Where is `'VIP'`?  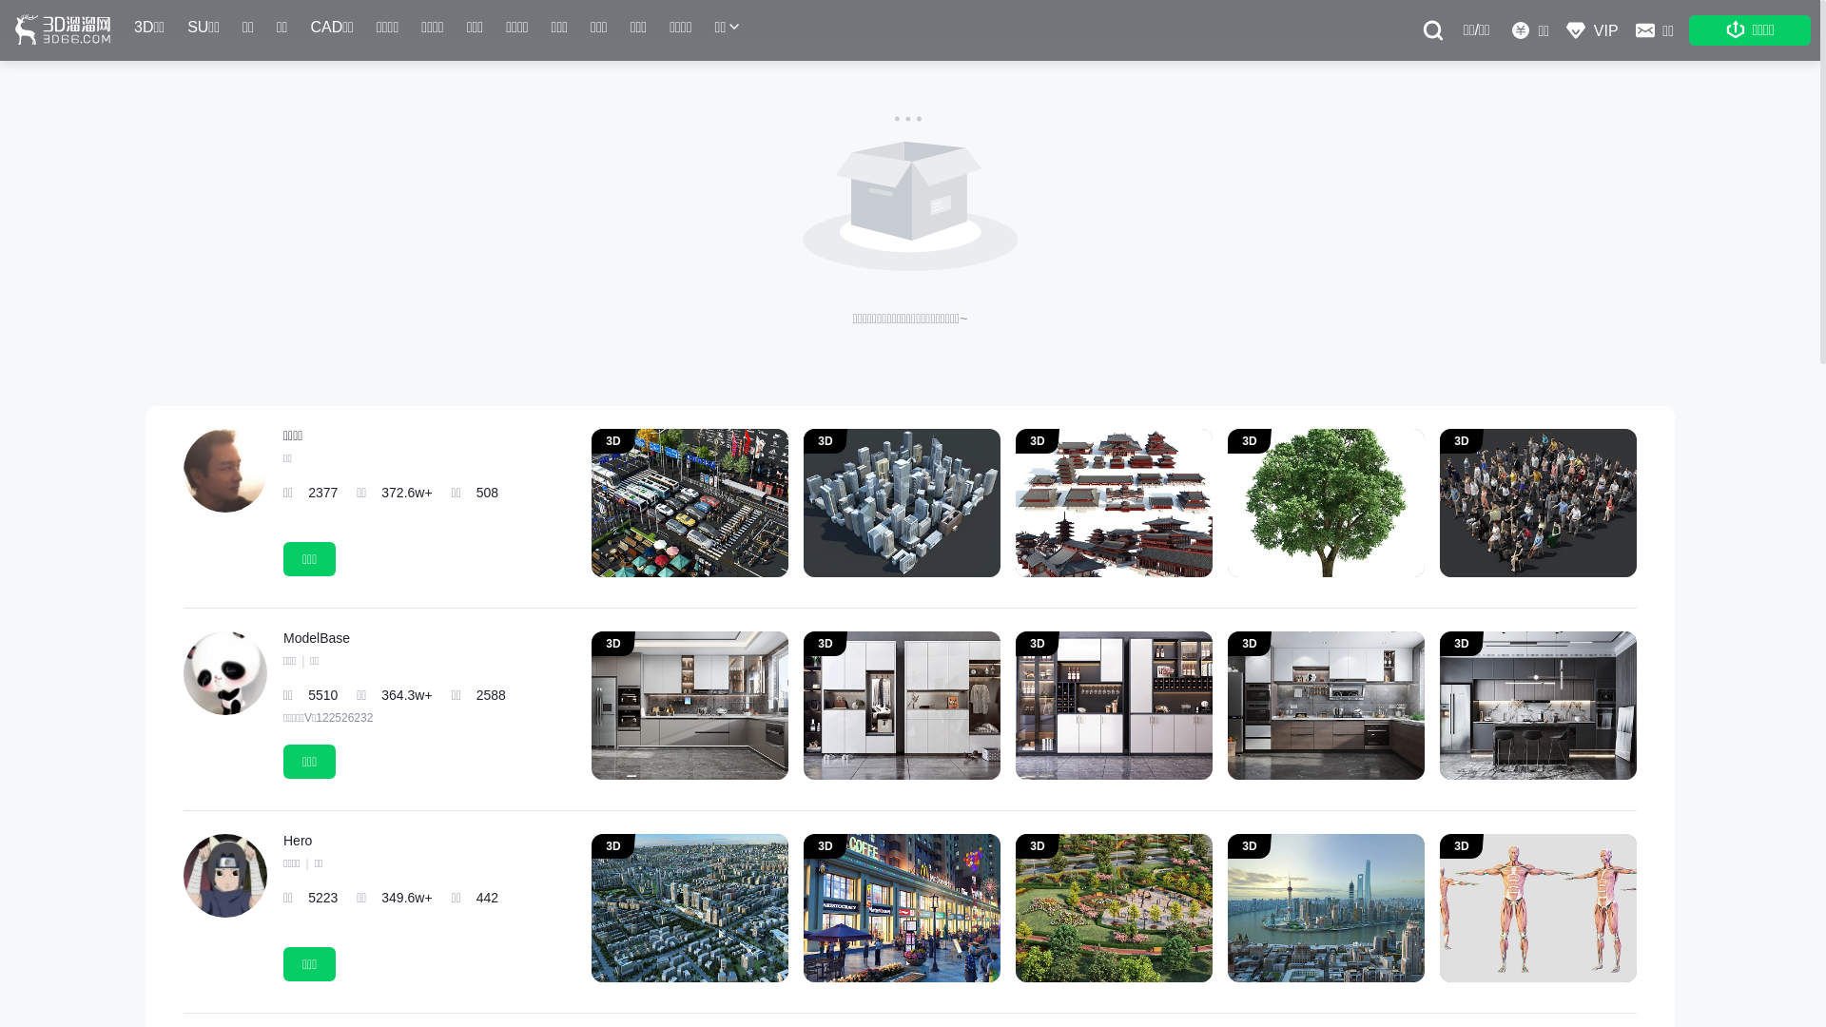 'VIP' is located at coordinates (1591, 29).